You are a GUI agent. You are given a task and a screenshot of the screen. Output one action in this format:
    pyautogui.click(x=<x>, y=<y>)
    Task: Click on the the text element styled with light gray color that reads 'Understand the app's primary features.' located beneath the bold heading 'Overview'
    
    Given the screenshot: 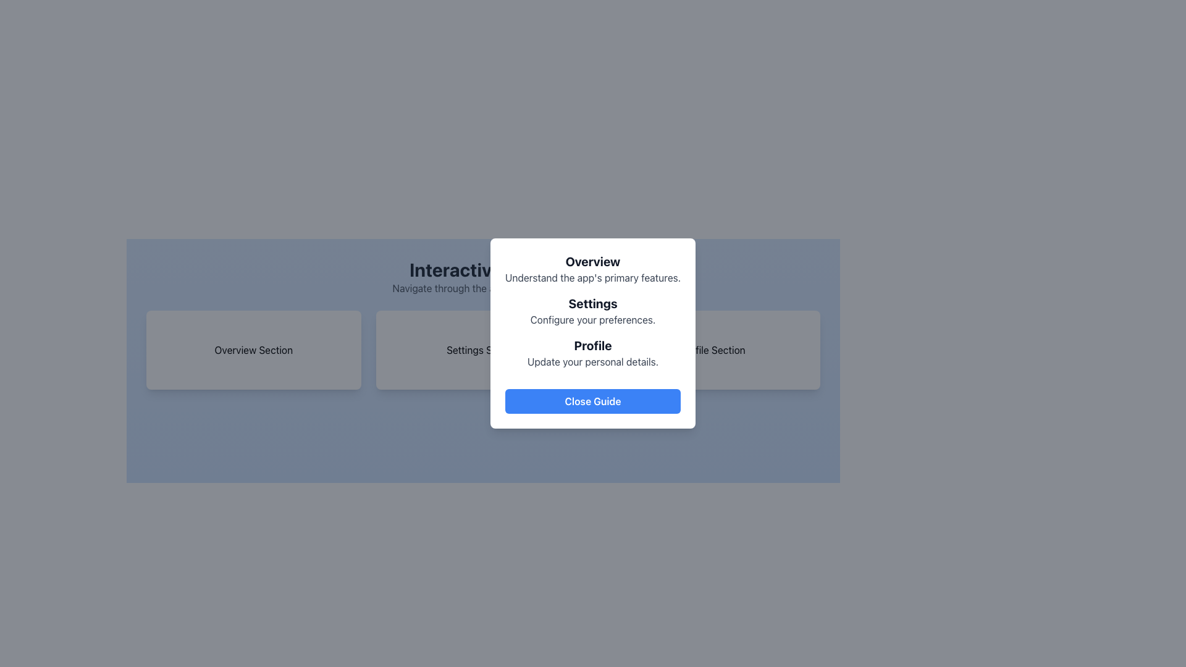 What is the action you would take?
    pyautogui.click(x=593, y=278)
    